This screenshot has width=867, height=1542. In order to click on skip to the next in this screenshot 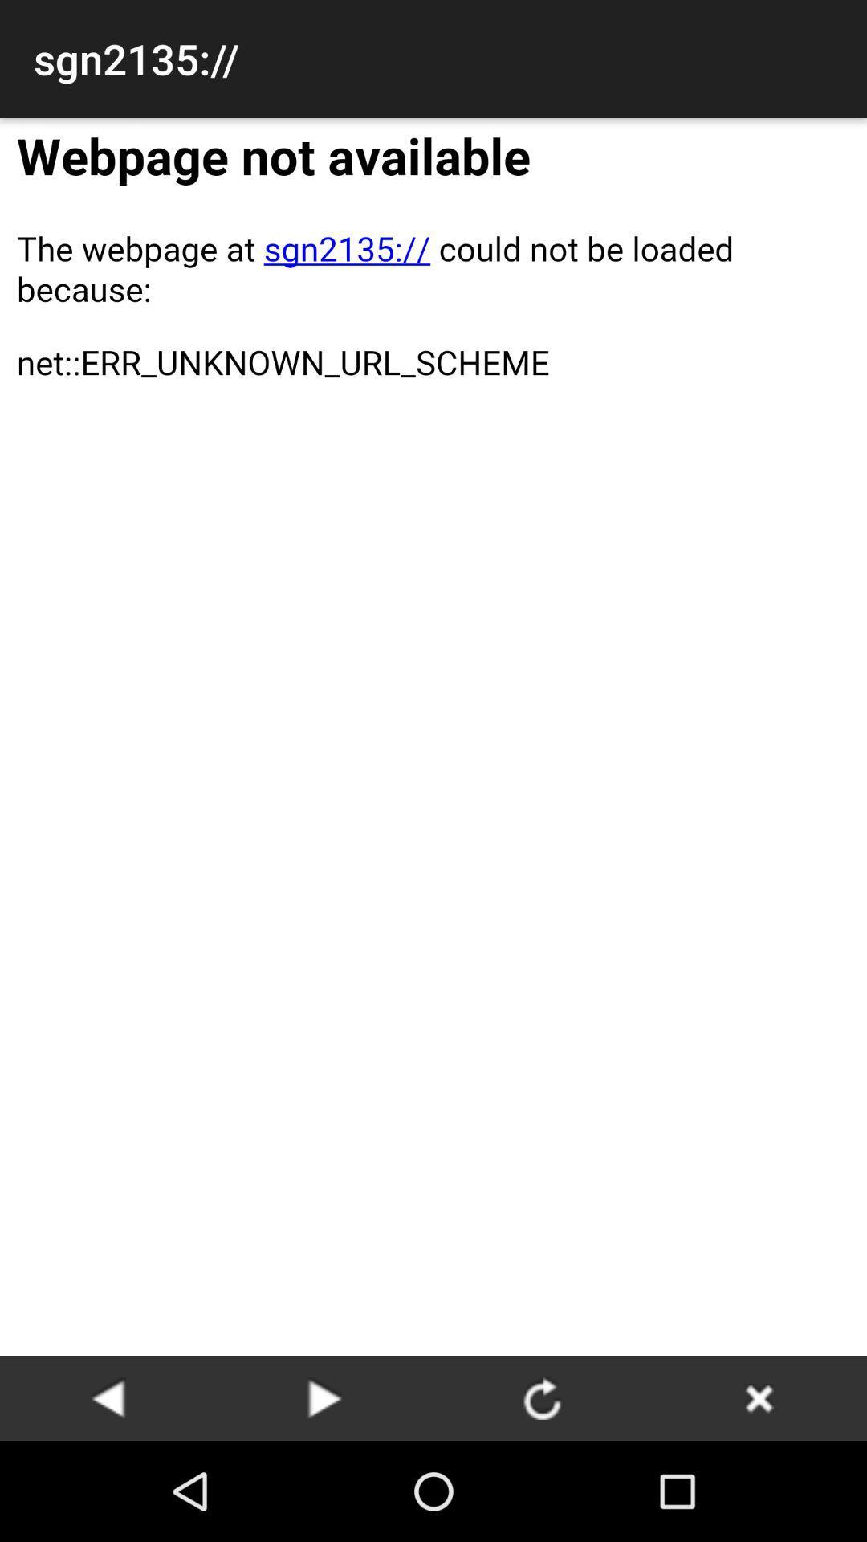, I will do `click(325, 1397)`.